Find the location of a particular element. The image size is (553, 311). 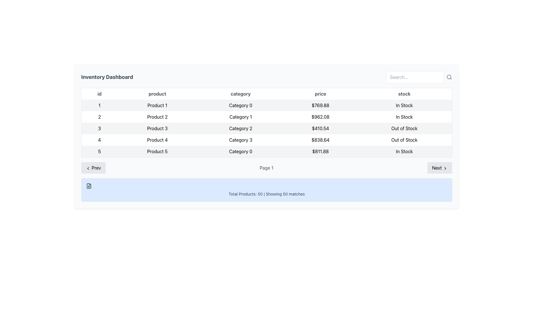

the text label that displays the total number of products available and the number currently displayed, located at the bottom section of the display area, centered horizontally underneath the product table is located at coordinates (266, 194).